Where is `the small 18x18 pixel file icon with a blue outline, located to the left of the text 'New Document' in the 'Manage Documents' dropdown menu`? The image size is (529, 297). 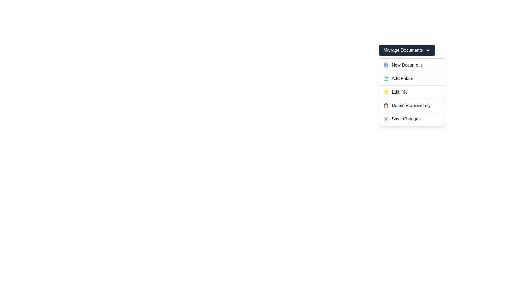 the small 18x18 pixel file icon with a blue outline, located to the left of the text 'New Document' in the 'Manage Documents' dropdown menu is located at coordinates (385, 65).